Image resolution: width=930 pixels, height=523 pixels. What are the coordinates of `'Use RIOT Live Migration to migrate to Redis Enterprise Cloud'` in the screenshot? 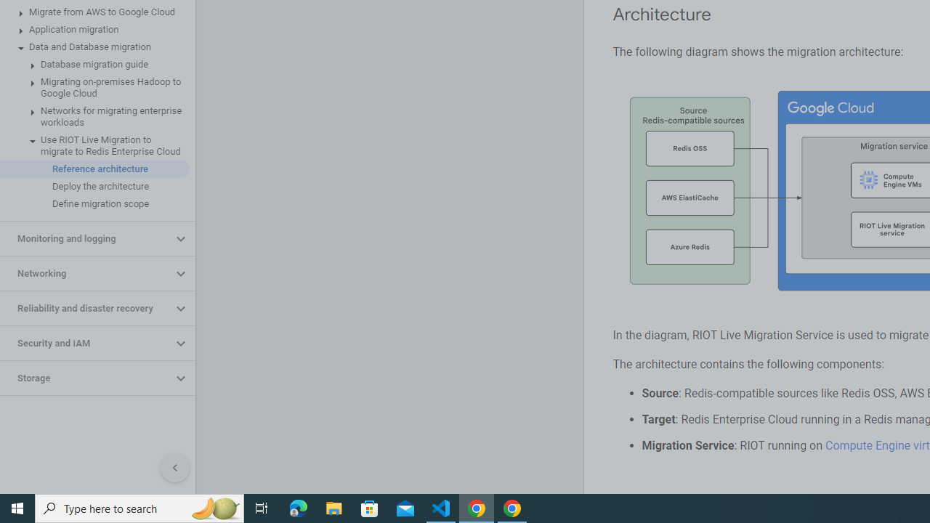 It's located at (94, 145).